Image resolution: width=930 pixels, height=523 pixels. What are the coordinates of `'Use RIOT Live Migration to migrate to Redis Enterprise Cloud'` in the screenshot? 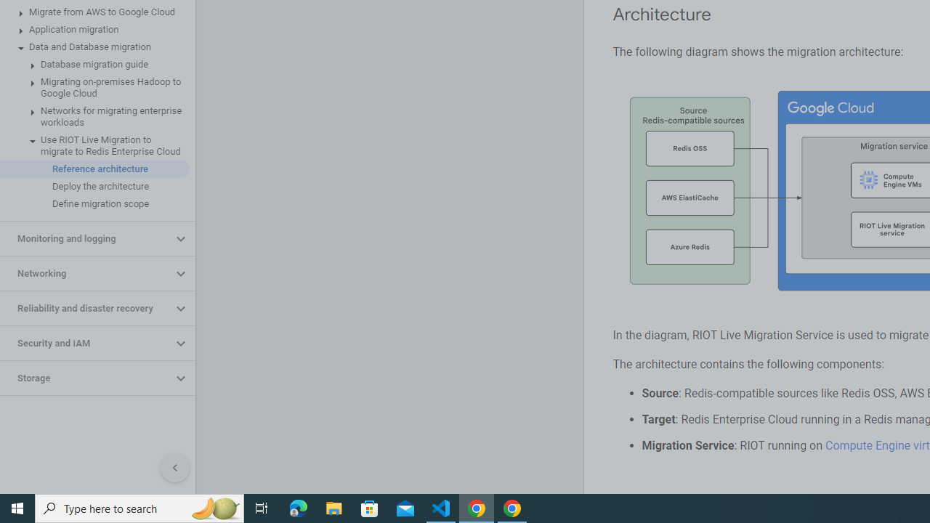 It's located at (94, 145).